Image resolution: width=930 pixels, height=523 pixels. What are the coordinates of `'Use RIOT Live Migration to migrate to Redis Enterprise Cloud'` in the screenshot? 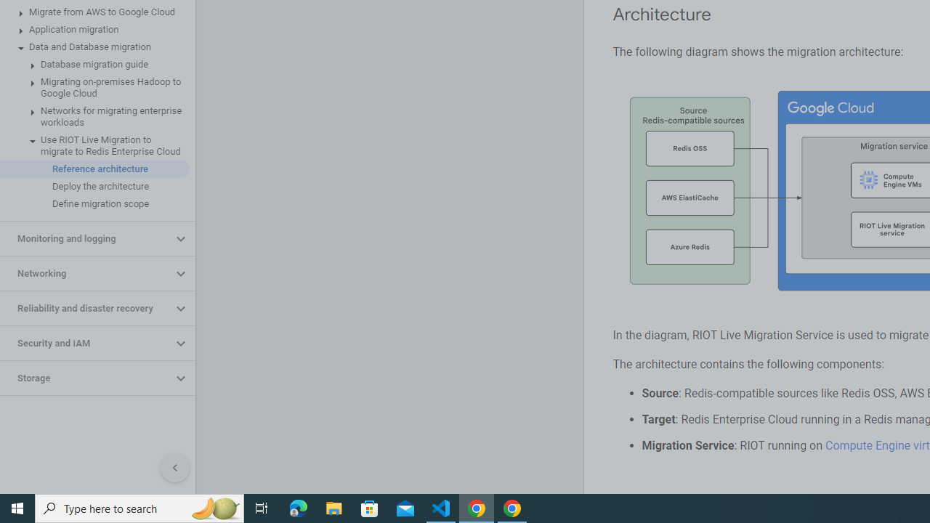 It's located at (94, 145).